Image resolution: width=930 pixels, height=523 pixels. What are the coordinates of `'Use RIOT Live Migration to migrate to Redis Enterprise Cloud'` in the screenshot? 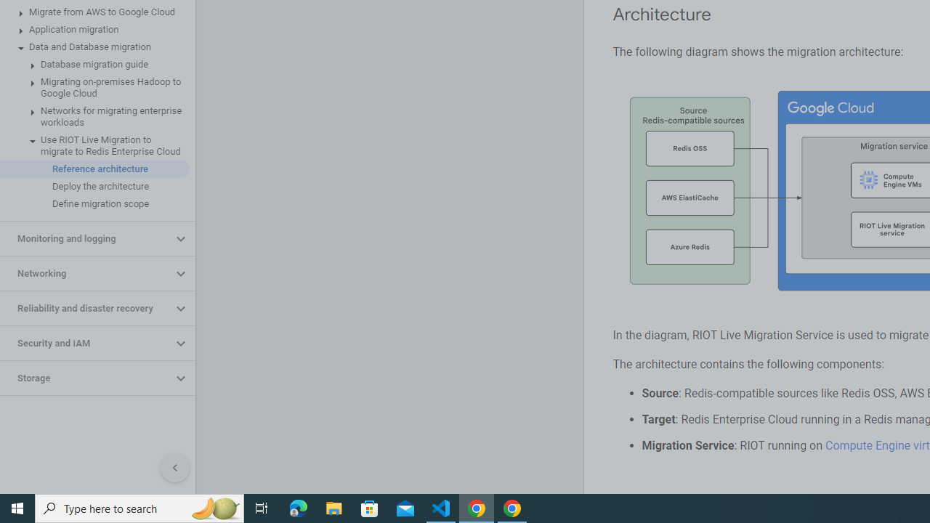 It's located at (94, 145).